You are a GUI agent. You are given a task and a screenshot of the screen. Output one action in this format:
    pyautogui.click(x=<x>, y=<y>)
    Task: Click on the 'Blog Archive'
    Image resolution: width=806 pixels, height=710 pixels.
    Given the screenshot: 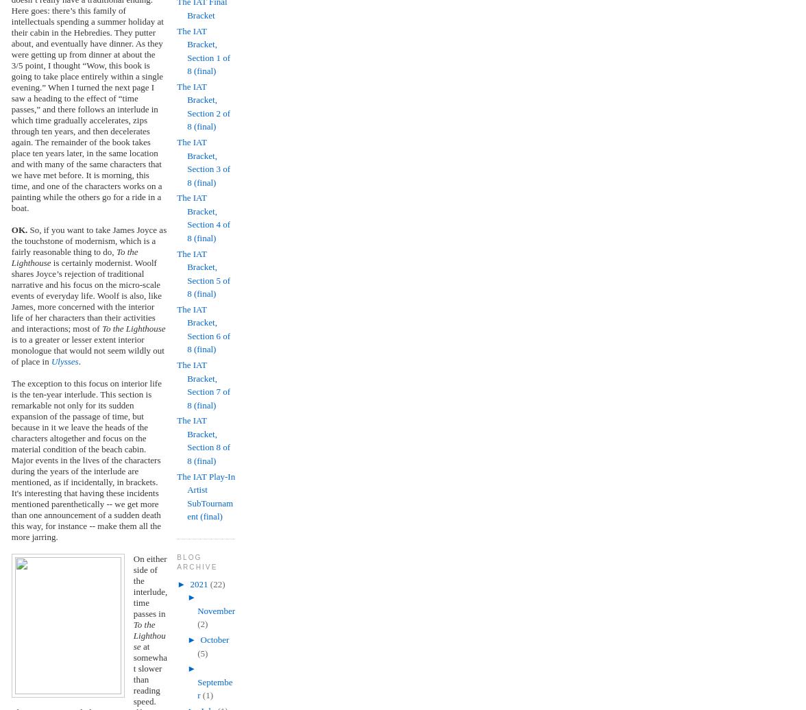 What is the action you would take?
    pyautogui.click(x=197, y=561)
    